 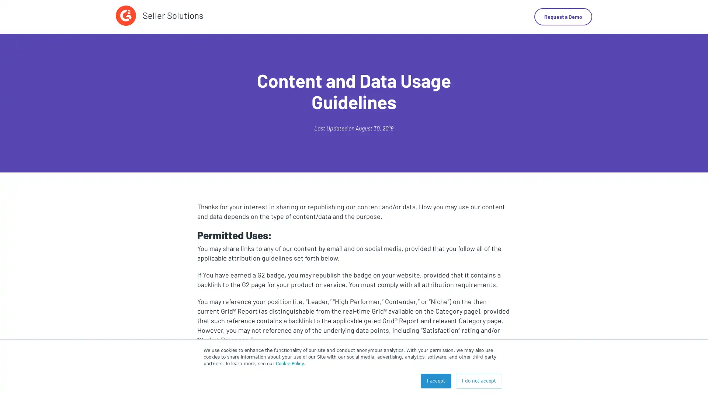 I want to click on Open Intercom Messenger, so click(x=689, y=379).